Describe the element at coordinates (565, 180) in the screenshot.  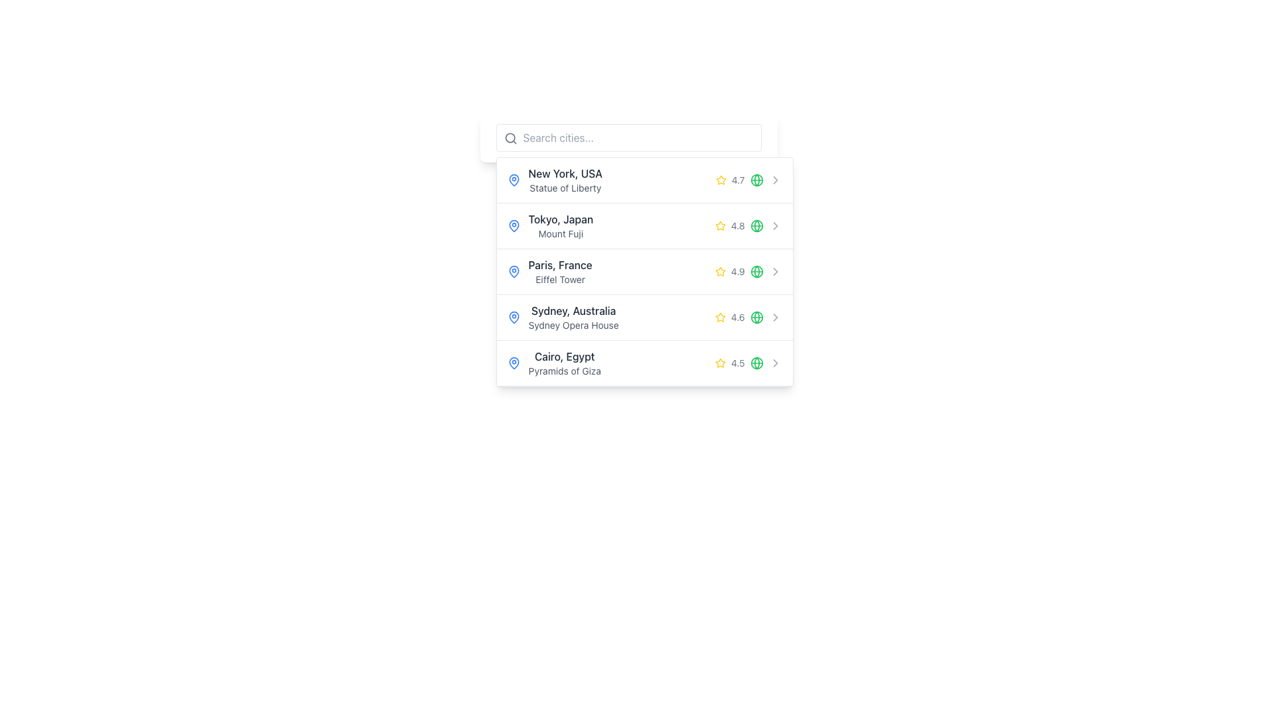
I see `the Text block displaying 'New York, USA' and 'Statue of Liberty' in the first position of the location list` at that location.